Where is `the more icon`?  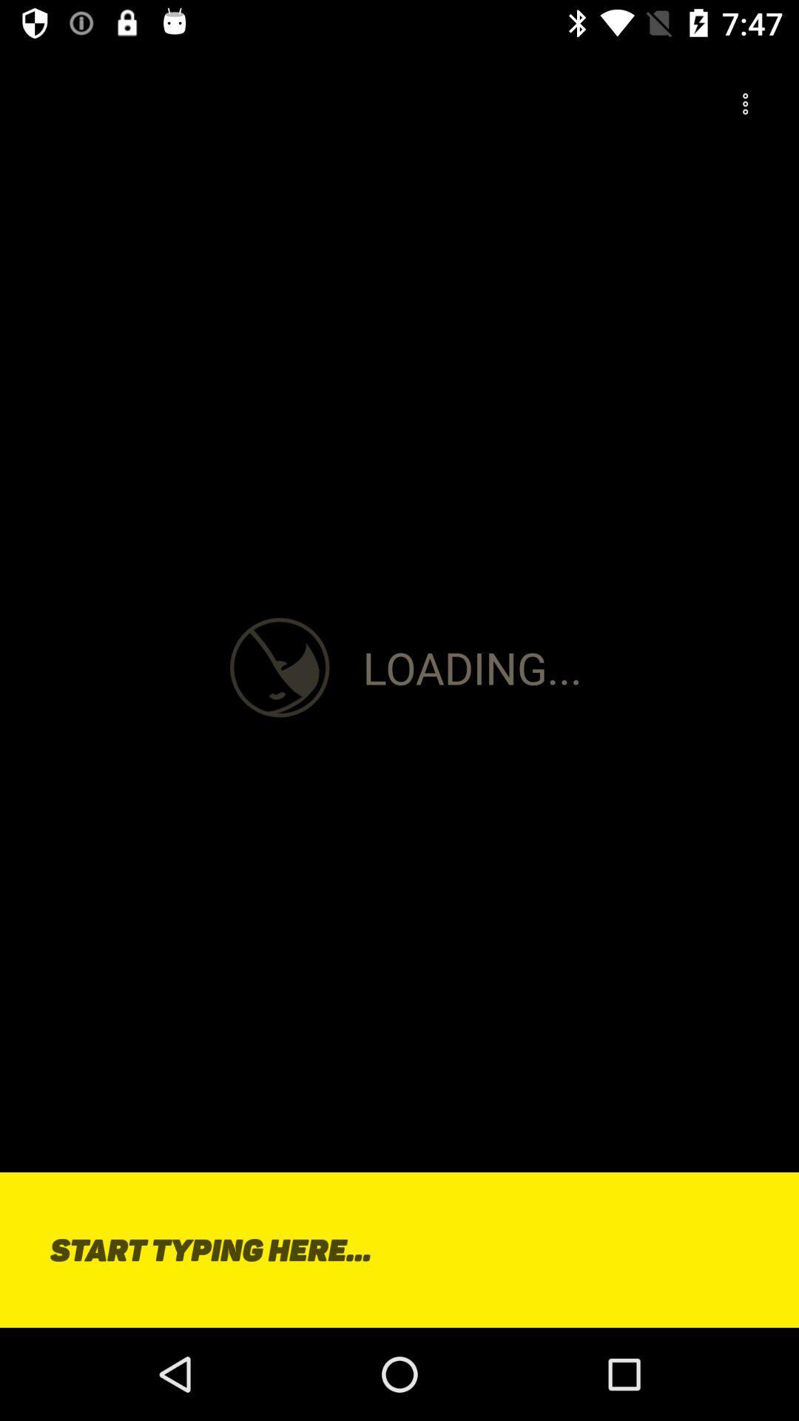
the more icon is located at coordinates (745, 104).